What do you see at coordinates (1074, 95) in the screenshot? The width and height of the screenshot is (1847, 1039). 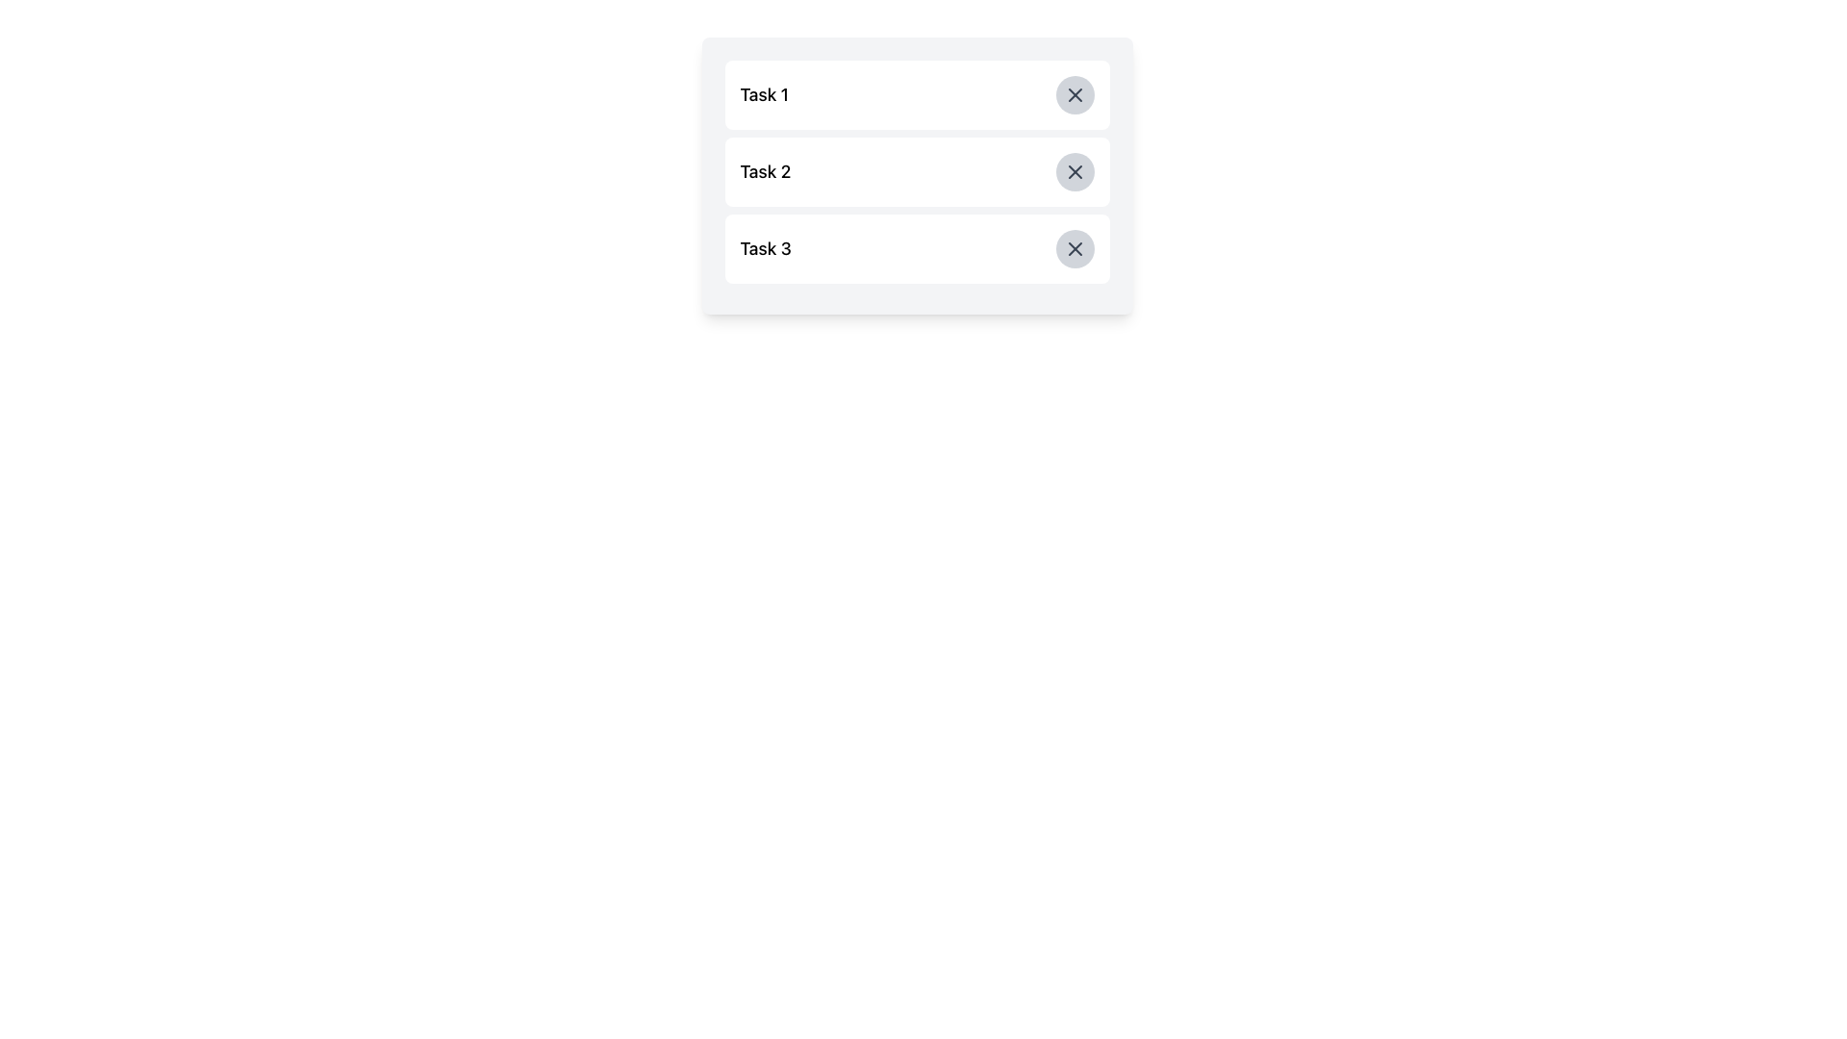 I see `the small 'X' icon button with a dark stroke color located in a circular button adjacent to the text label 'Task 1'` at bounding box center [1074, 95].